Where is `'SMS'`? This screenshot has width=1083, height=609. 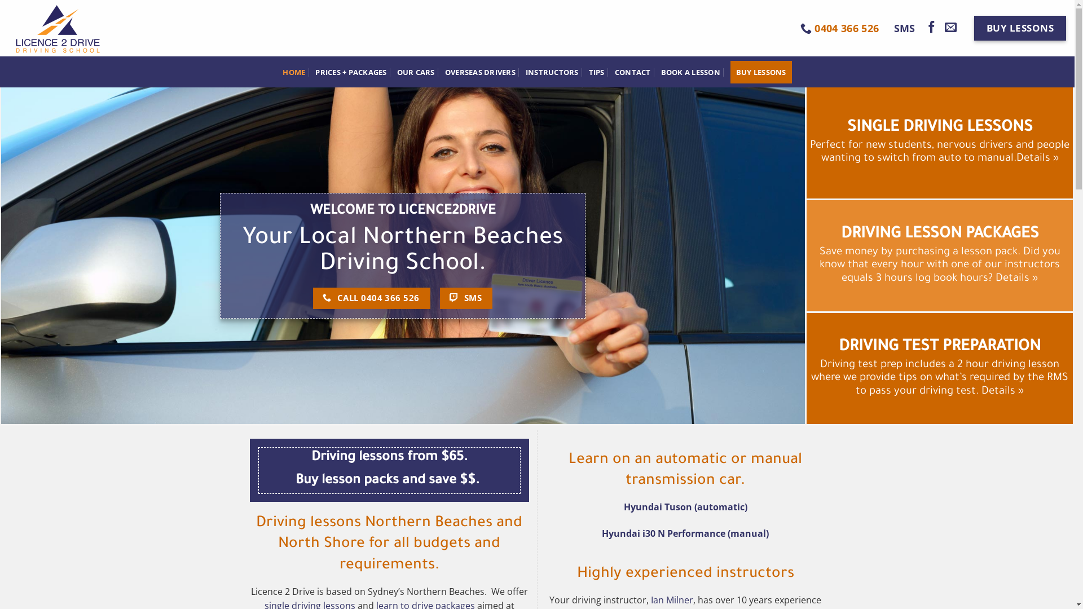
'SMS' is located at coordinates (466, 297).